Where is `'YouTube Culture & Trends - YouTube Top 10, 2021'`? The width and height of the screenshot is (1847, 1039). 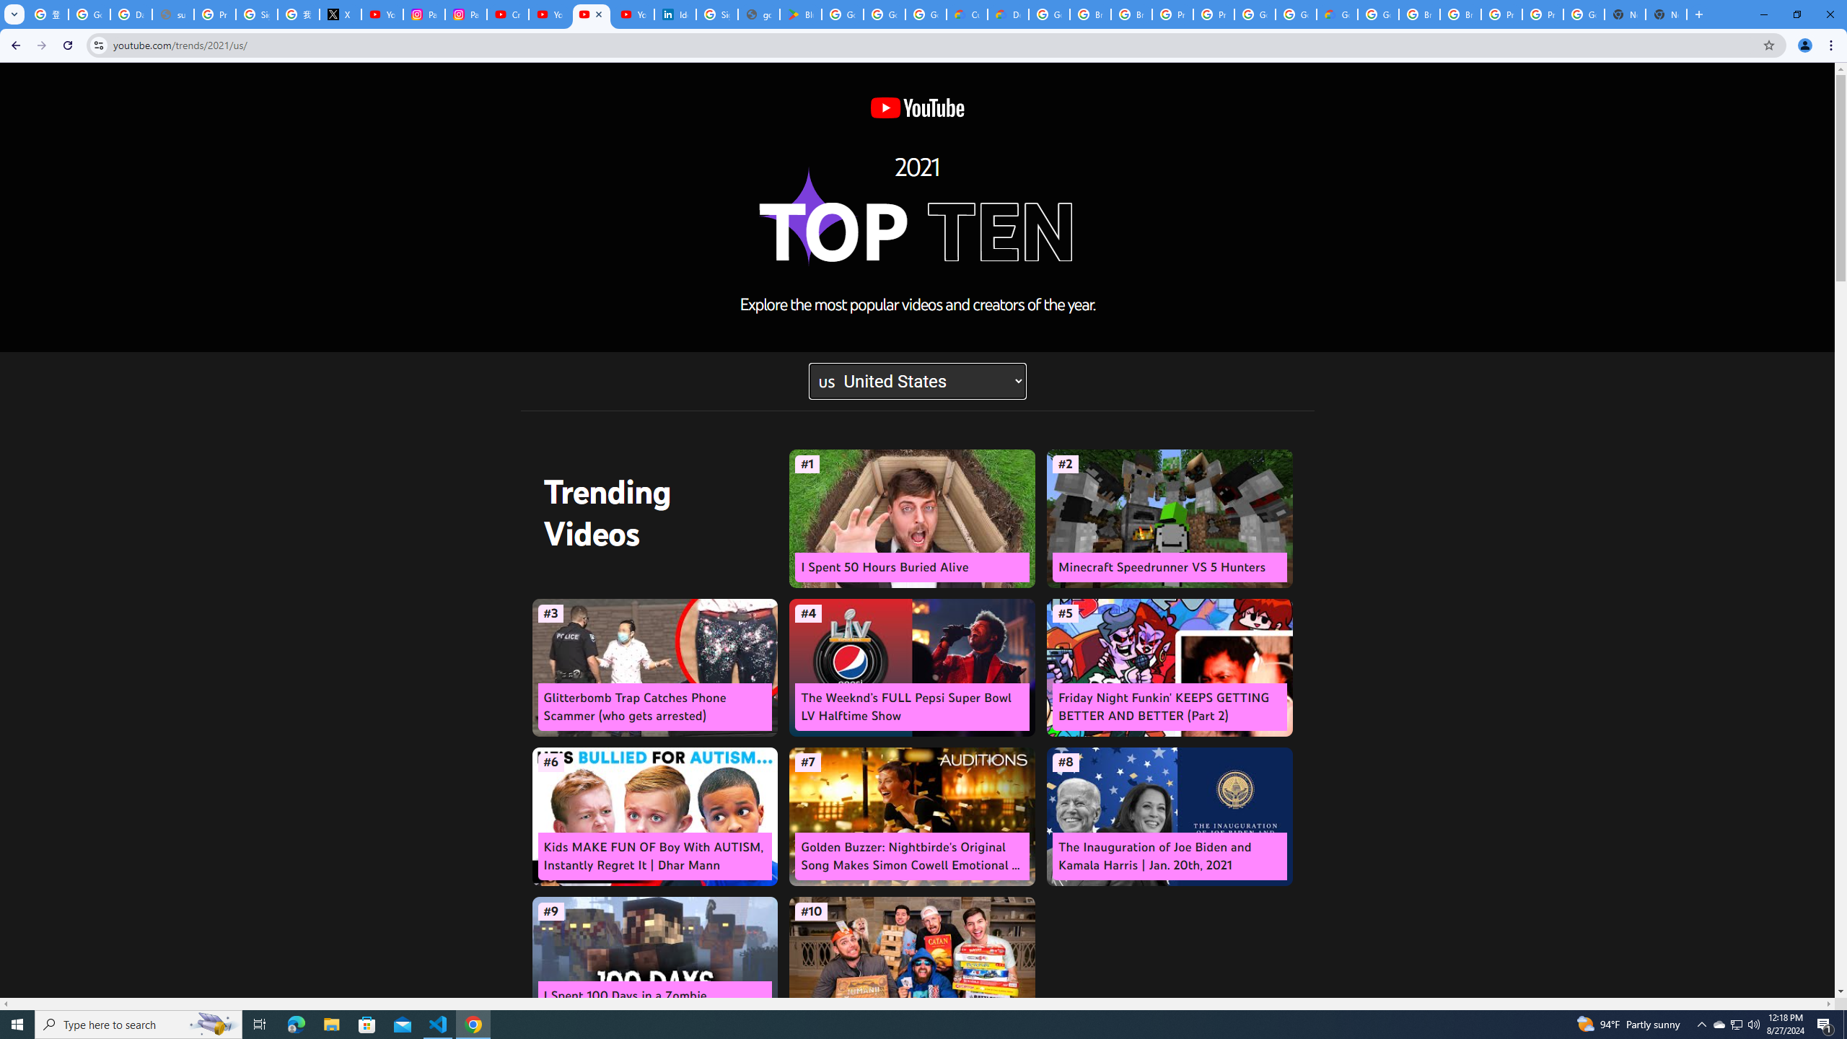 'YouTube Culture & Trends - YouTube Top 10, 2021' is located at coordinates (633, 14).